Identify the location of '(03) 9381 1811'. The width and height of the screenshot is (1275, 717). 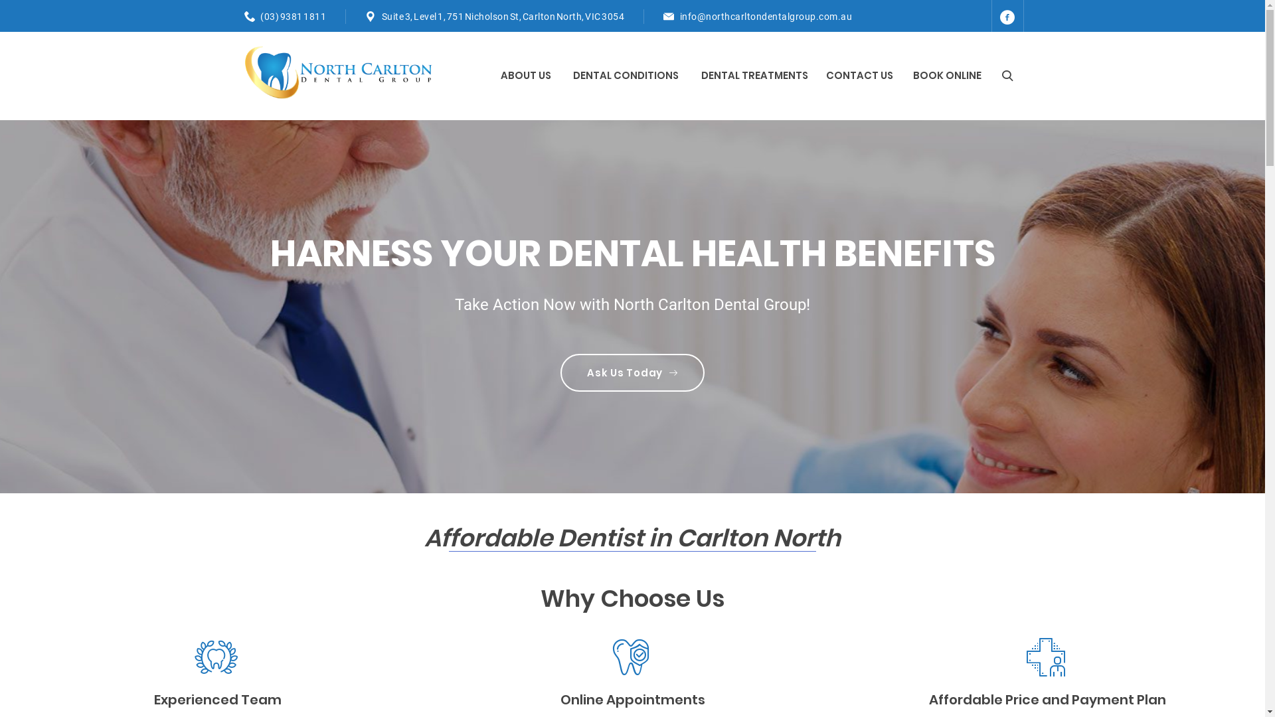
(260, 16).